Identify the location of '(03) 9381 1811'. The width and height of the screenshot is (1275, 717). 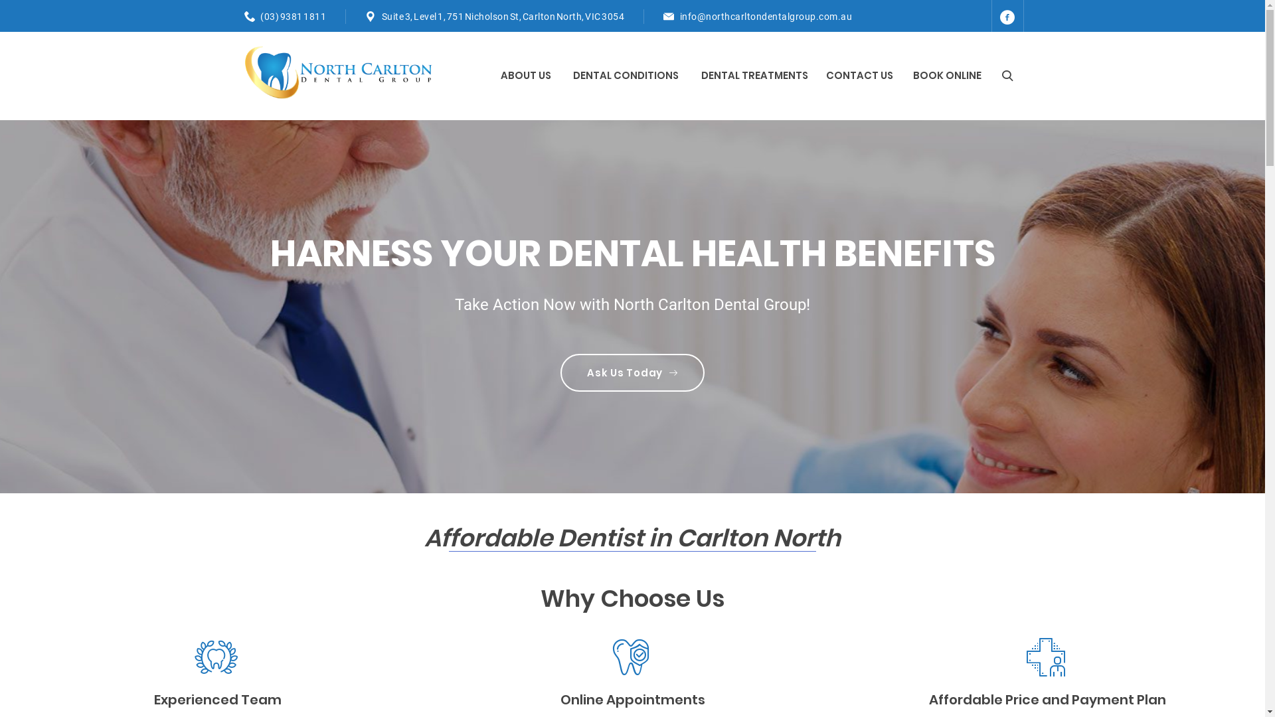
(260, 16).